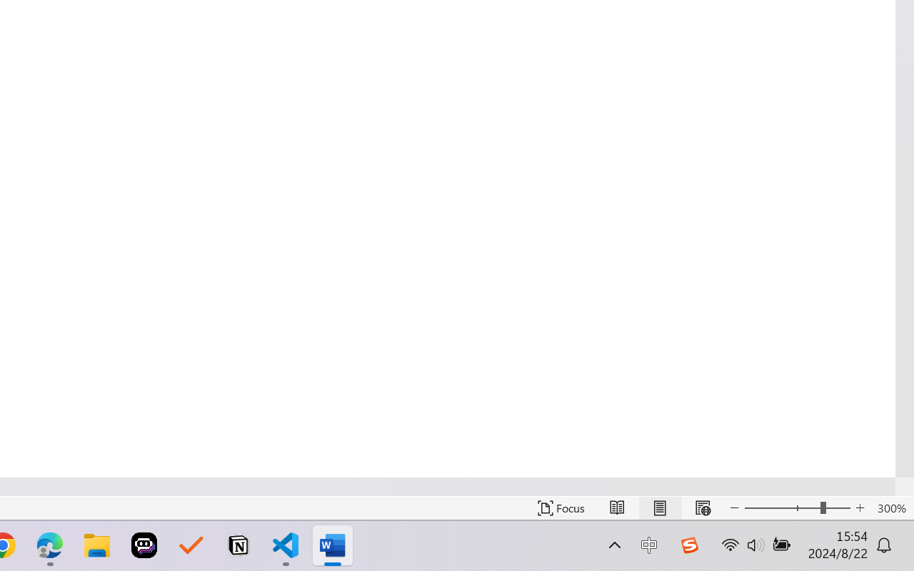  Describe the element at coordinates (561, 507) in the screenshot. I see `'Focus '` at that location.